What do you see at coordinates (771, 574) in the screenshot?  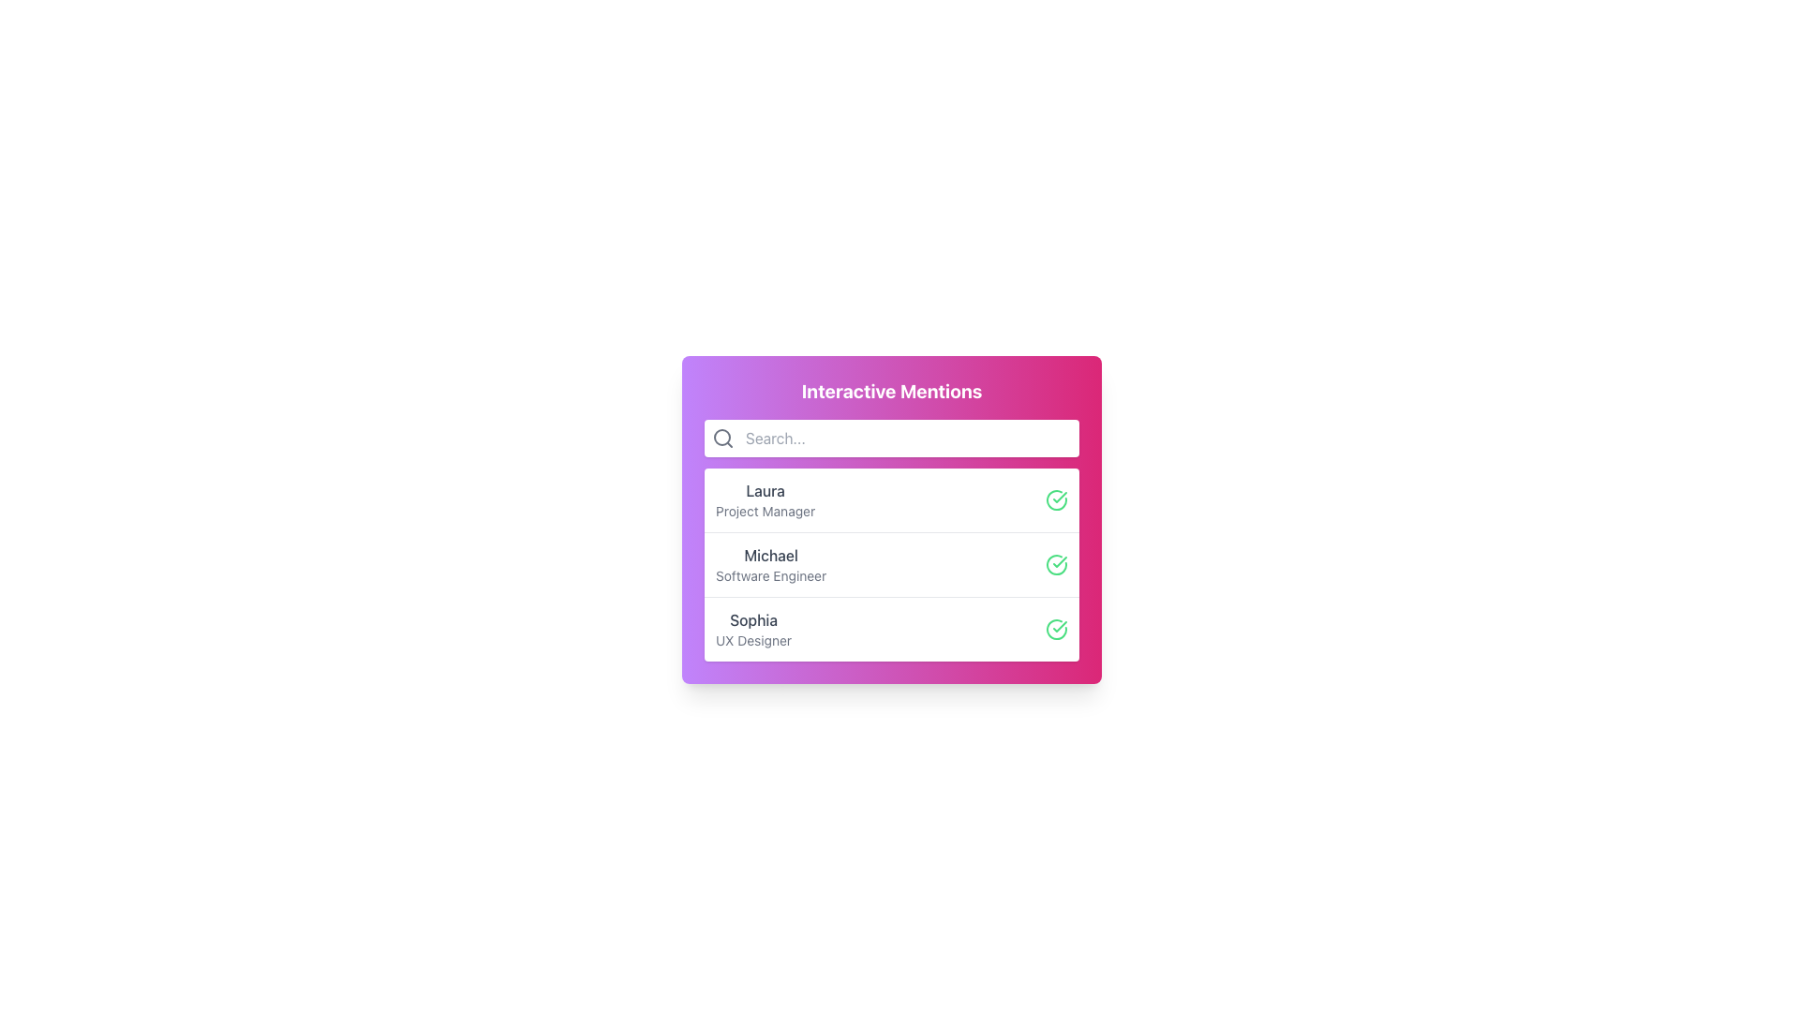 I see `text from the text label displaying 'Software Engineer', which is styled in gray and positioned below the name 'Michael'` at bounding box center [771, 574].